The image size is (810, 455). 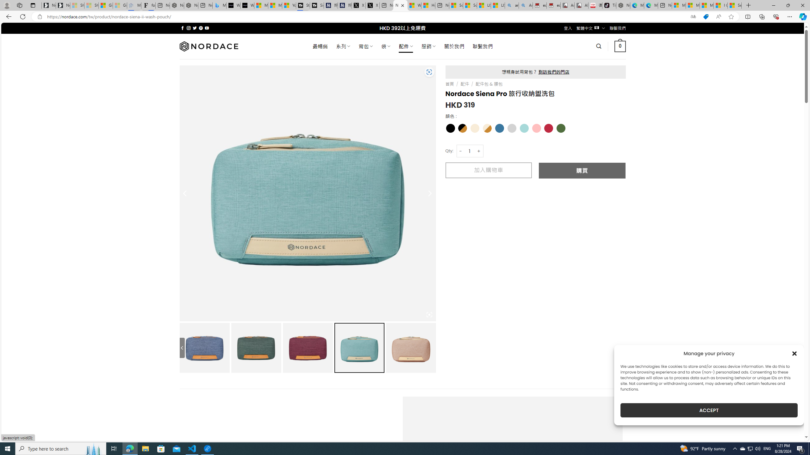 I want to click on 'Newsletter Sign Up', so click(x=63, y=5).